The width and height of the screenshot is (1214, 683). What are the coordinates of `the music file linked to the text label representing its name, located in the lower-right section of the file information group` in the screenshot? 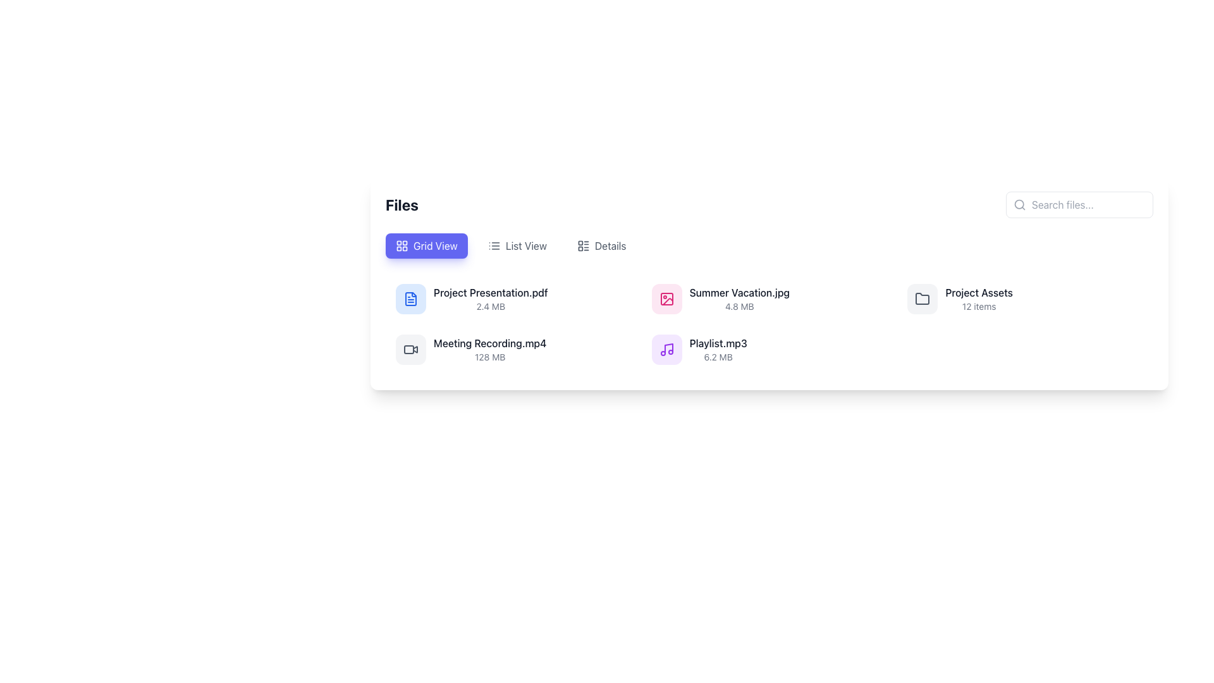 It's located at (718, 343).